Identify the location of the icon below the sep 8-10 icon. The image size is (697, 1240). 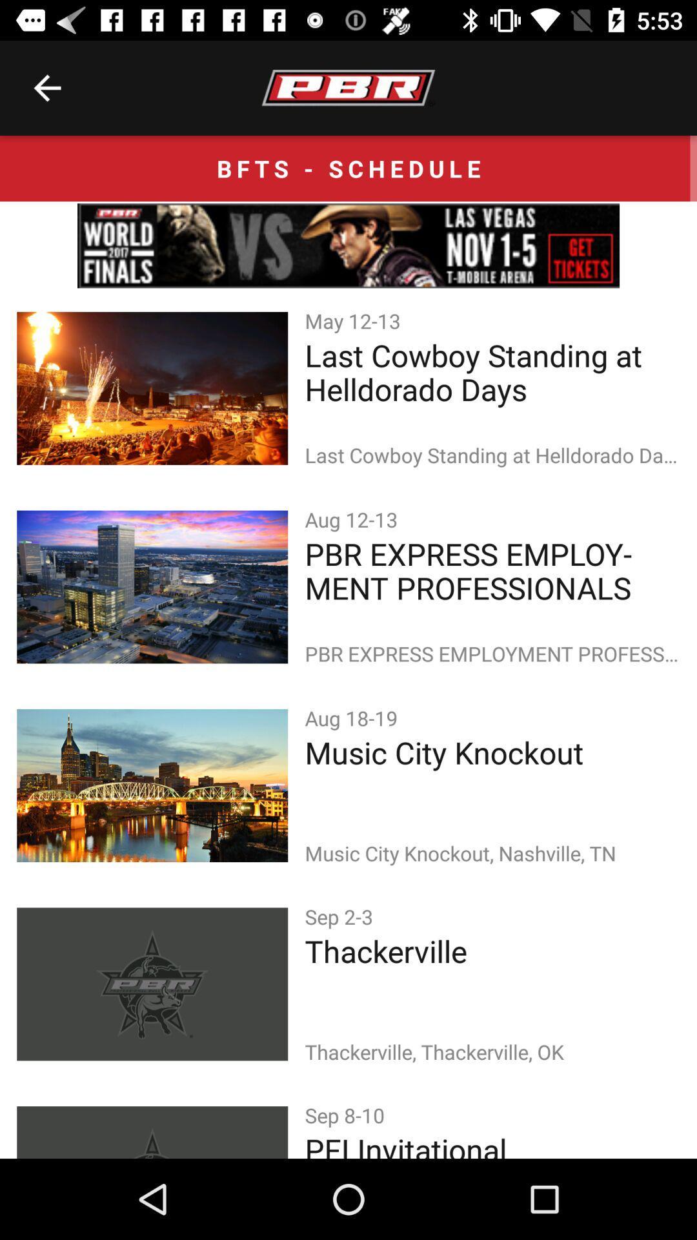
(492, 1144).